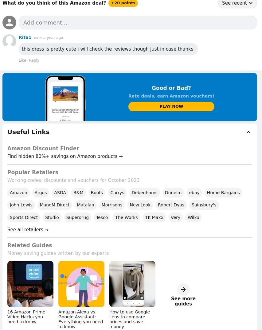 This screenshot has height=330, width=262. Describe the element at coordinates (108, 49) in the screenshot. I see `'this dress is pretty cute i will check the reviews though just in case thanks'` at that location.